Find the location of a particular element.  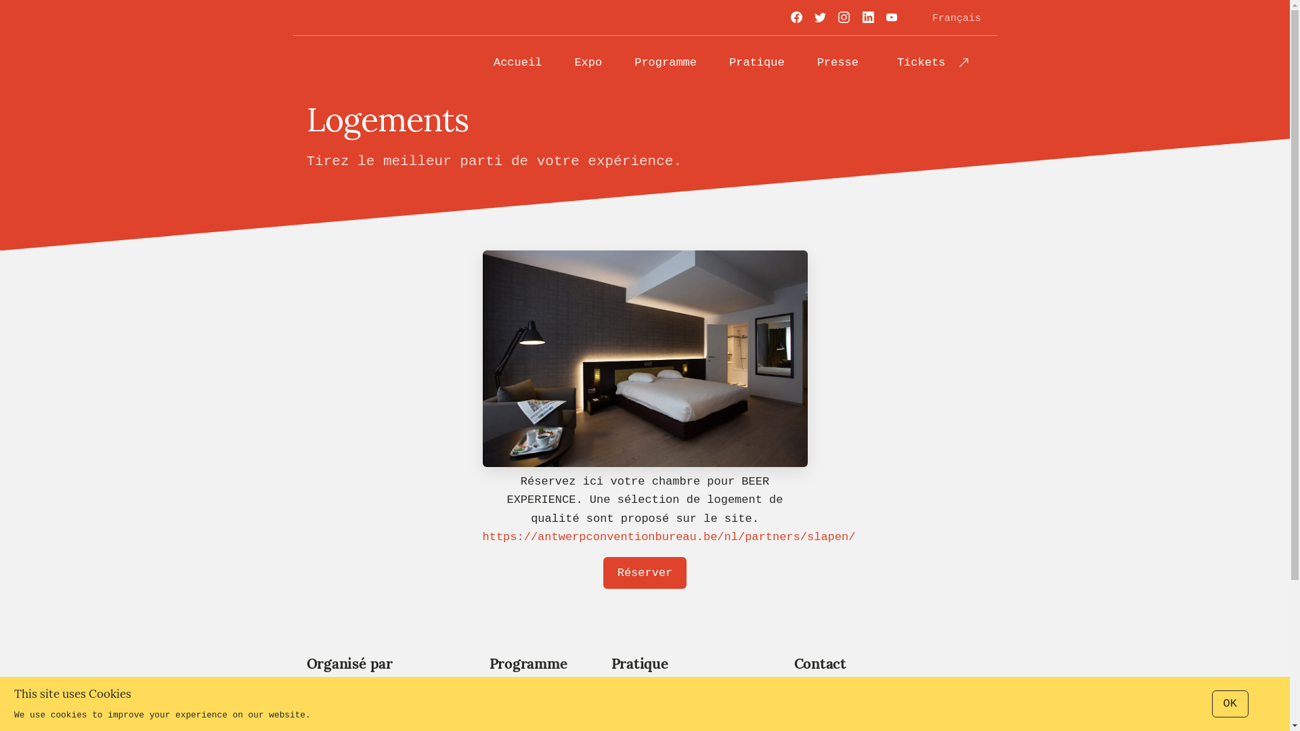

'S'y rendre' is located at coordinates (675, 711).